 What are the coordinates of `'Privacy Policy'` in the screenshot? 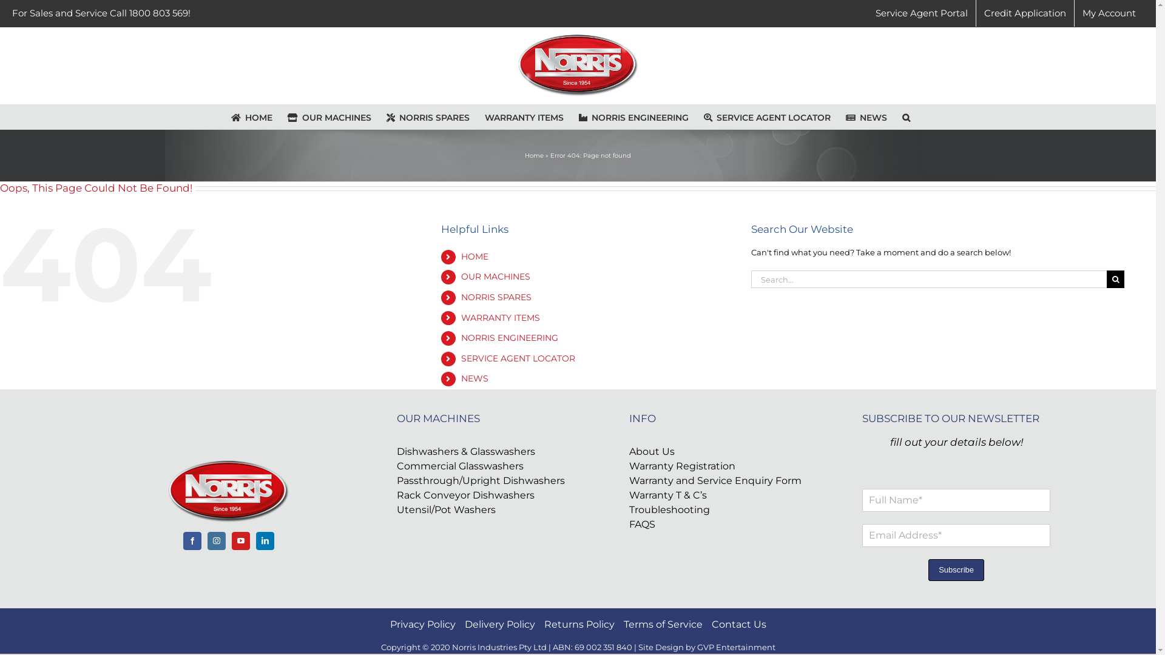 It's located at (422, 624).